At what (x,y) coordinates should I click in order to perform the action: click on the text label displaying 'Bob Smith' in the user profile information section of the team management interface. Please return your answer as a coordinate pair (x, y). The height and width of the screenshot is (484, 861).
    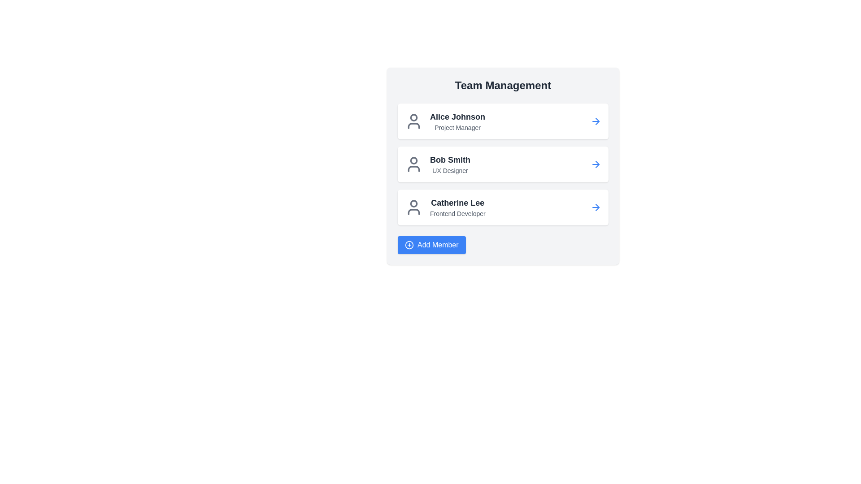
    Looking at the image, I should click on (450, 160).